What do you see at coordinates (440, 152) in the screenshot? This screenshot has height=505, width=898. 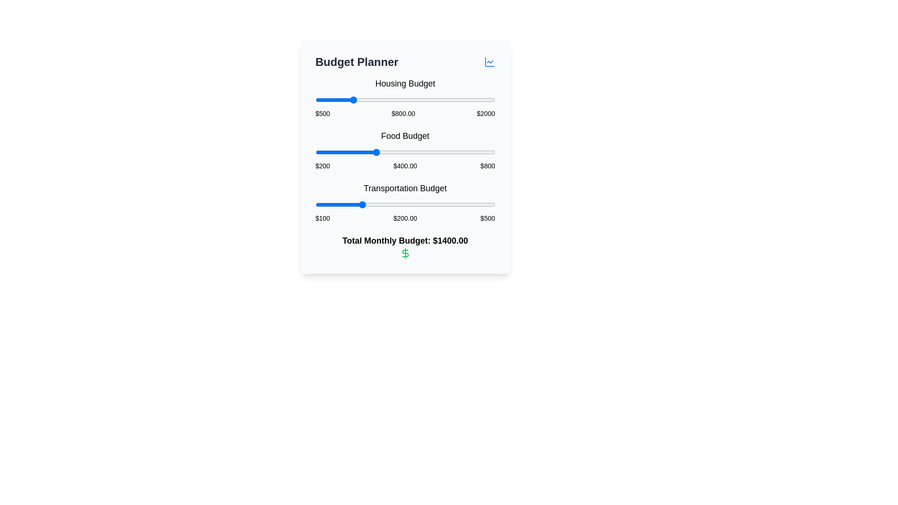 I see `the Food Budget slider value` at bounding box center [440, 152].